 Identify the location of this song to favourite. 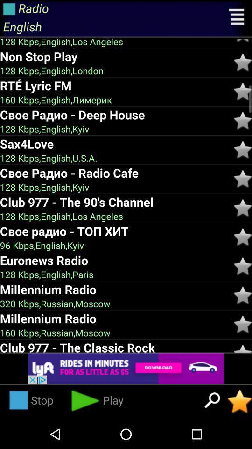
(243, 178).